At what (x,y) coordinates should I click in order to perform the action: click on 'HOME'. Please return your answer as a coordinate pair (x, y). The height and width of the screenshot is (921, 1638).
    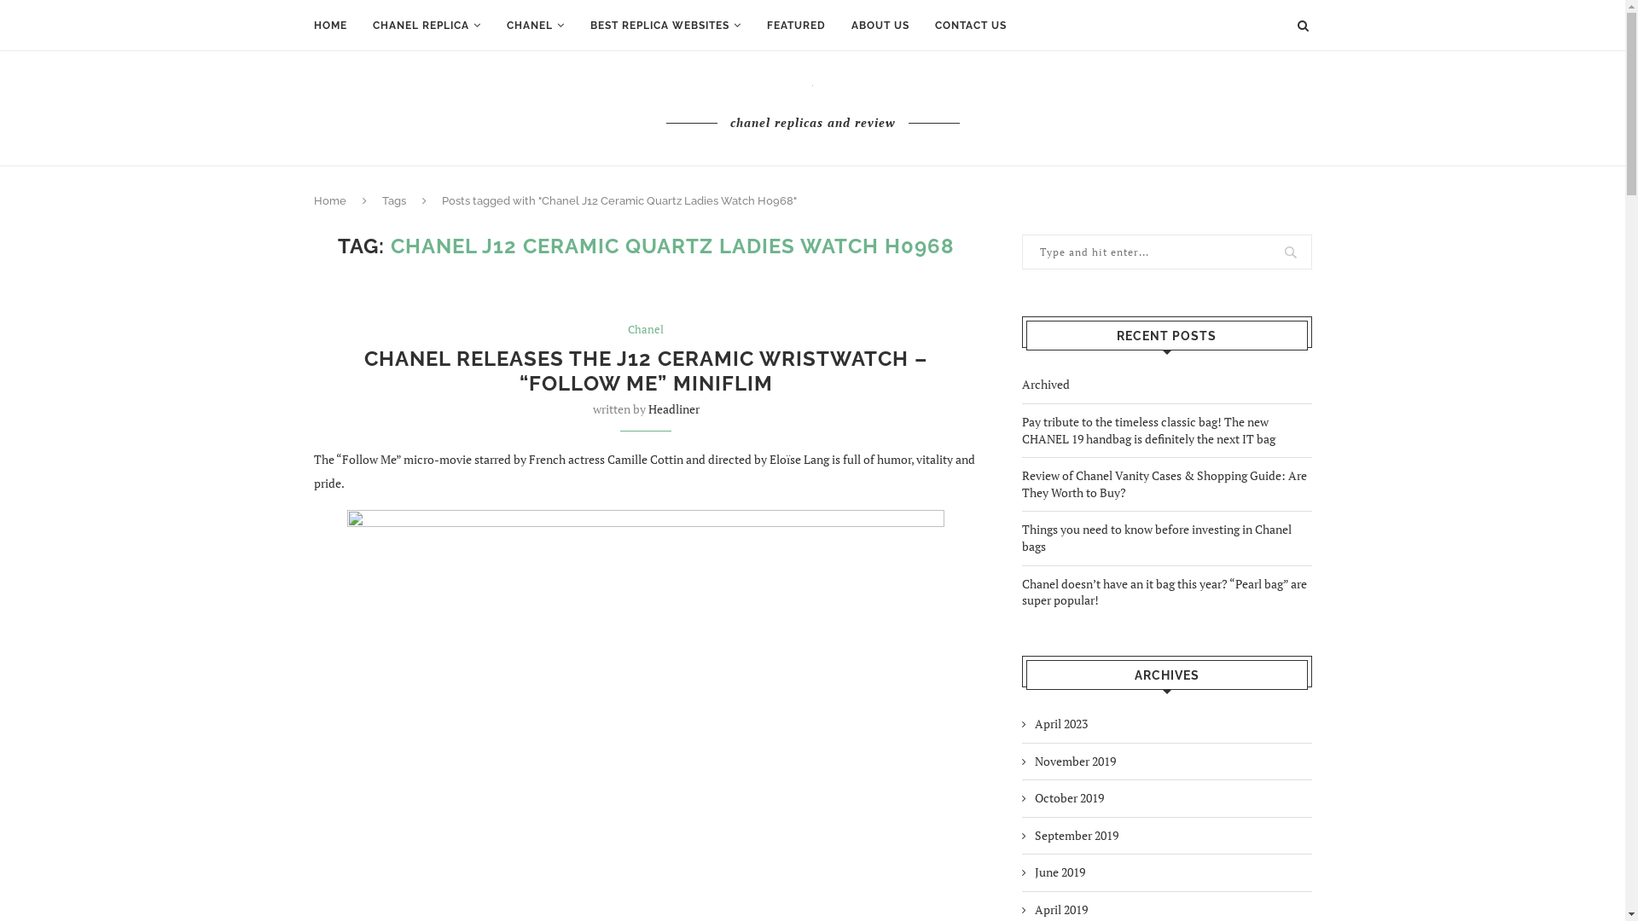
    Looking at the image, I should click on (330, 26).